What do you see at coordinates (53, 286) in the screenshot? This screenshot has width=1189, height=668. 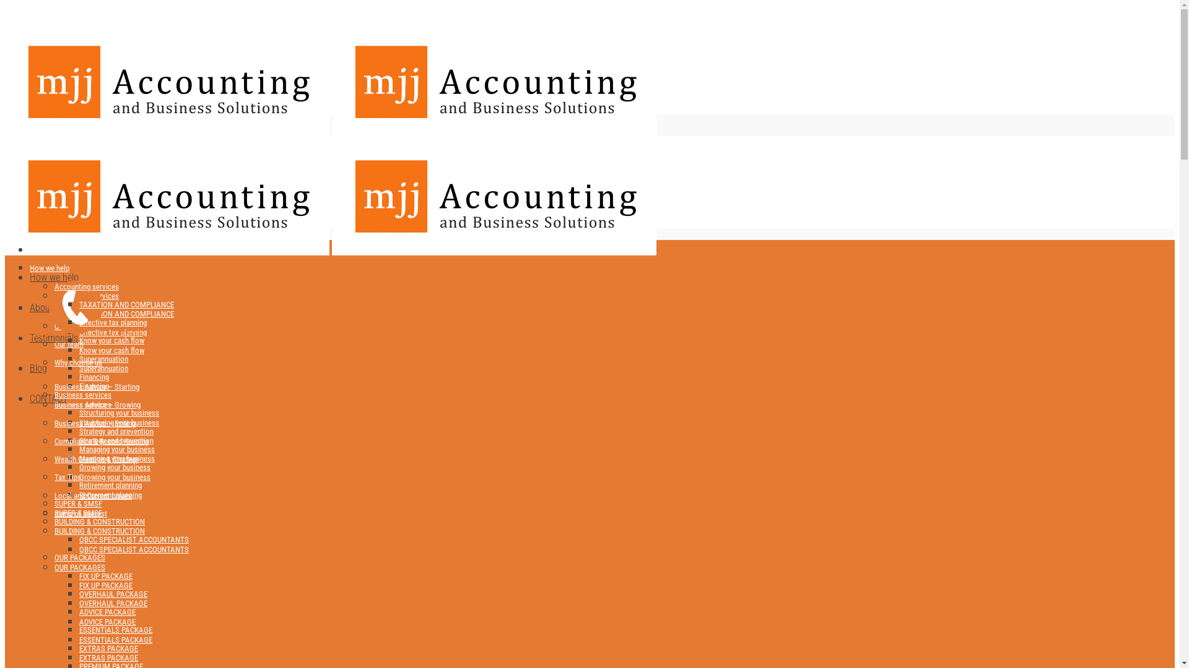 I see `'Accounting services'` at bounding box center [53, 286].